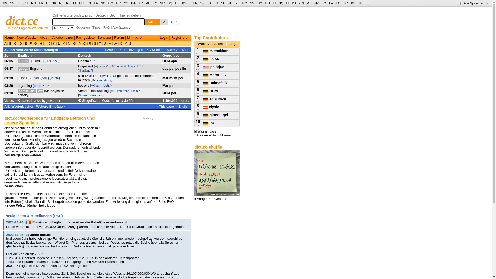 The image size is (496, 279). What do you see at coordinates (4, 100) in the screenshot?
I see `'Voice:'` at bounding box center [4, 100].